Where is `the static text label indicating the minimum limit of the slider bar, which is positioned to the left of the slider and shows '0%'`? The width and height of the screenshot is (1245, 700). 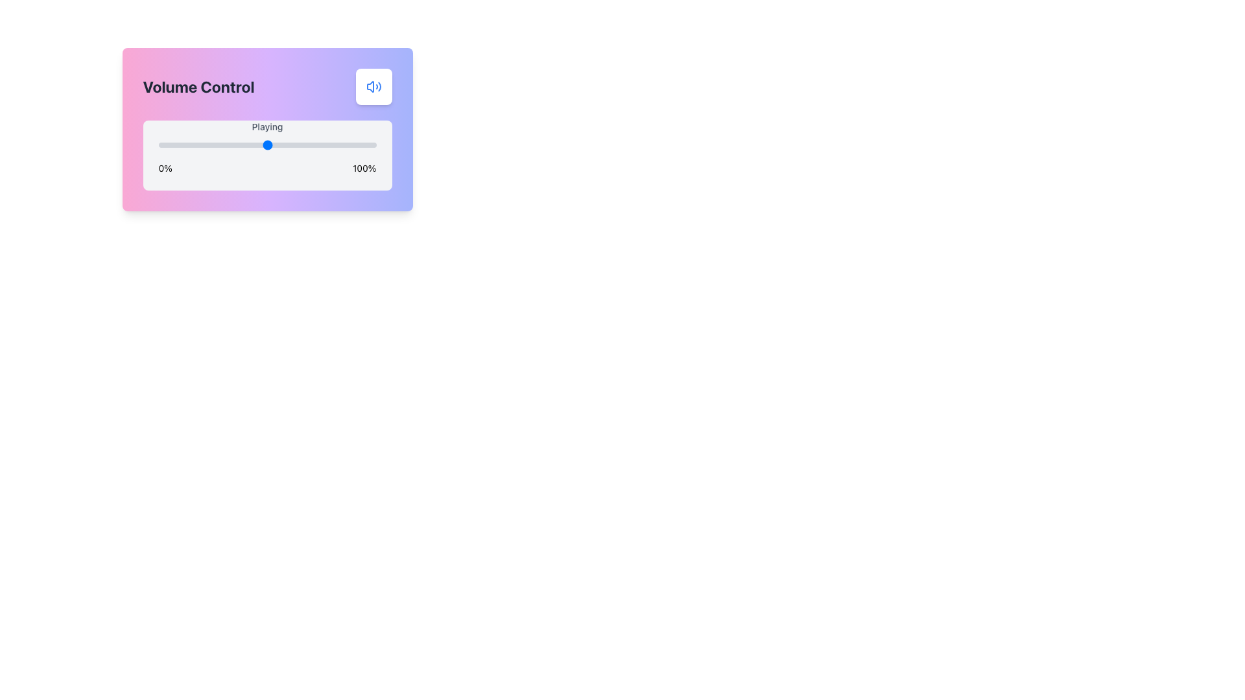 the static text label indicating the minimum limit of the slider bar, which is positioned to the left of the slider and shows '0%' is located at coordinates (165, 167).